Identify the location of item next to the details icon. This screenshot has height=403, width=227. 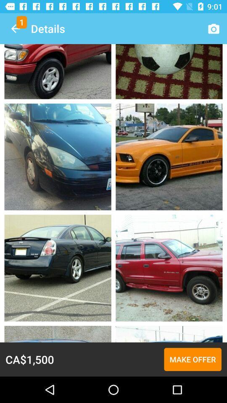
(15, 29).